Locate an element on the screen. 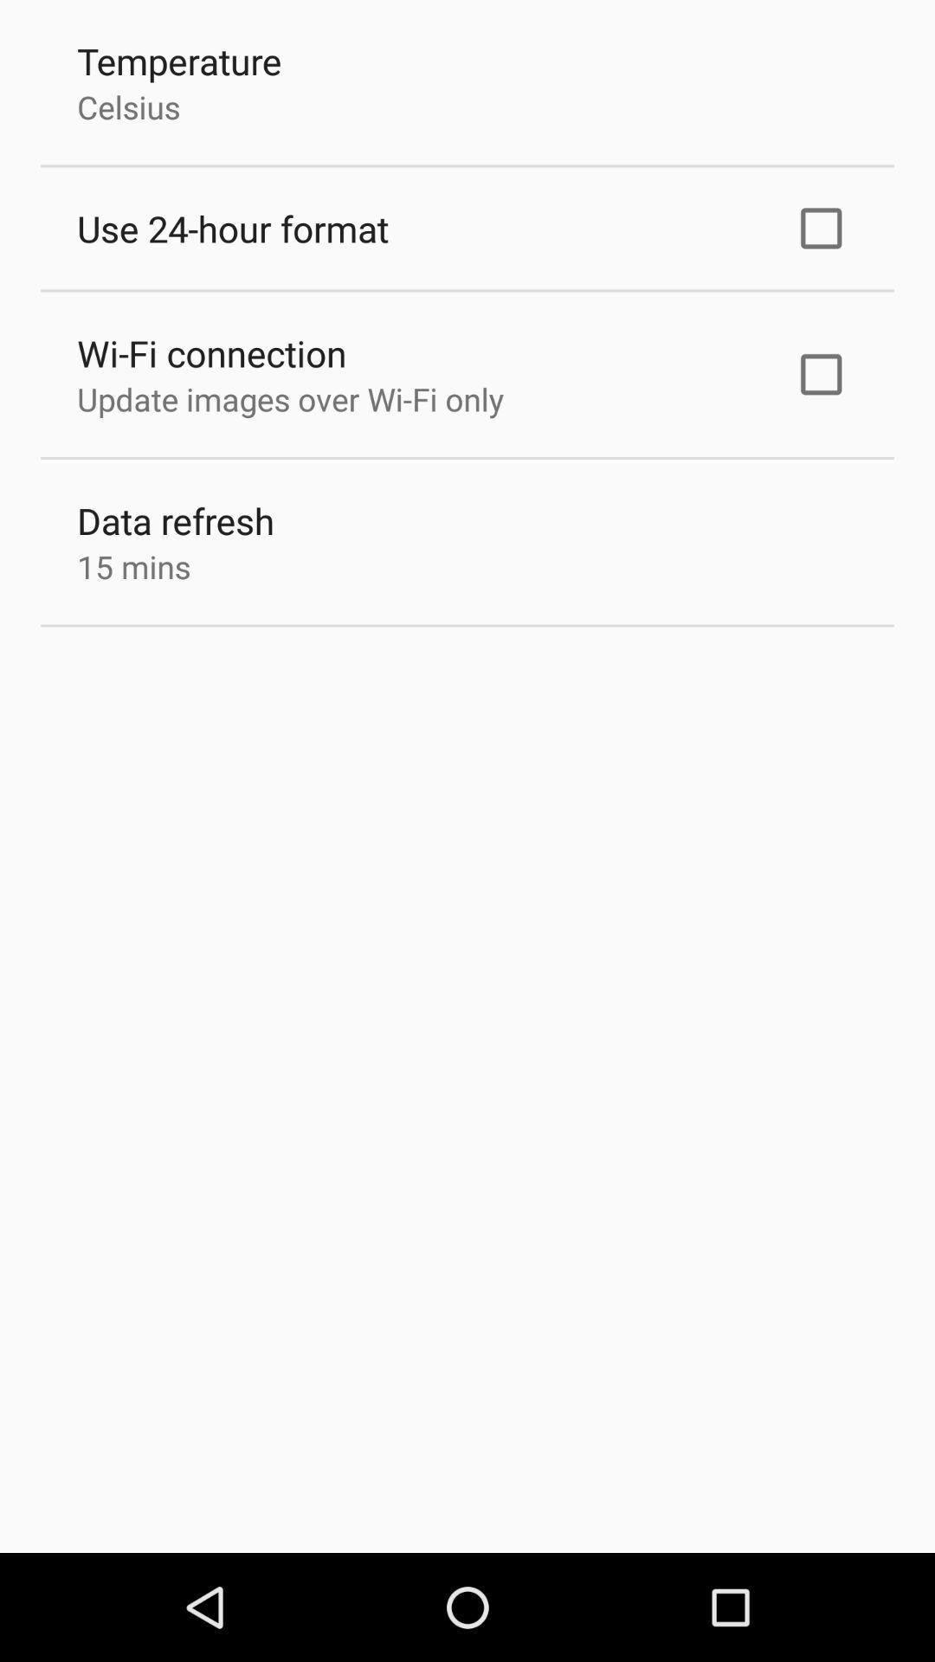 This screenshot has width=935, height=1662. the app above use 24 hour icon is located at coordinates (127, 106).